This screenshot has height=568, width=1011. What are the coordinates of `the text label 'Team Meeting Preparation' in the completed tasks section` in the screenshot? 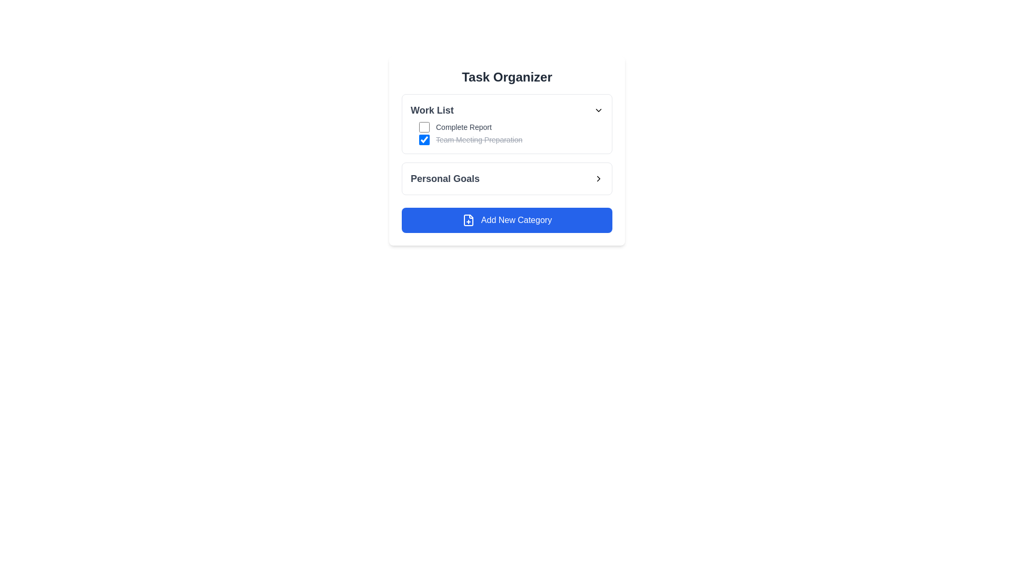 It's located at (511, 139).